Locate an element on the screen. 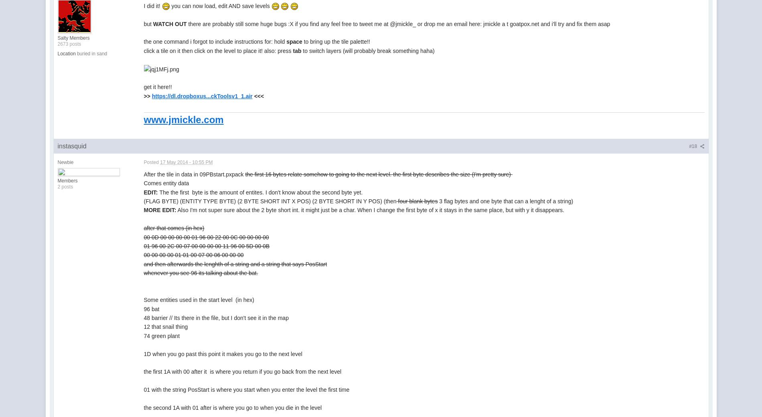 This screenshot has height=417, width=762. 'MORE EDIT:' is located at coordinates (159, 209).